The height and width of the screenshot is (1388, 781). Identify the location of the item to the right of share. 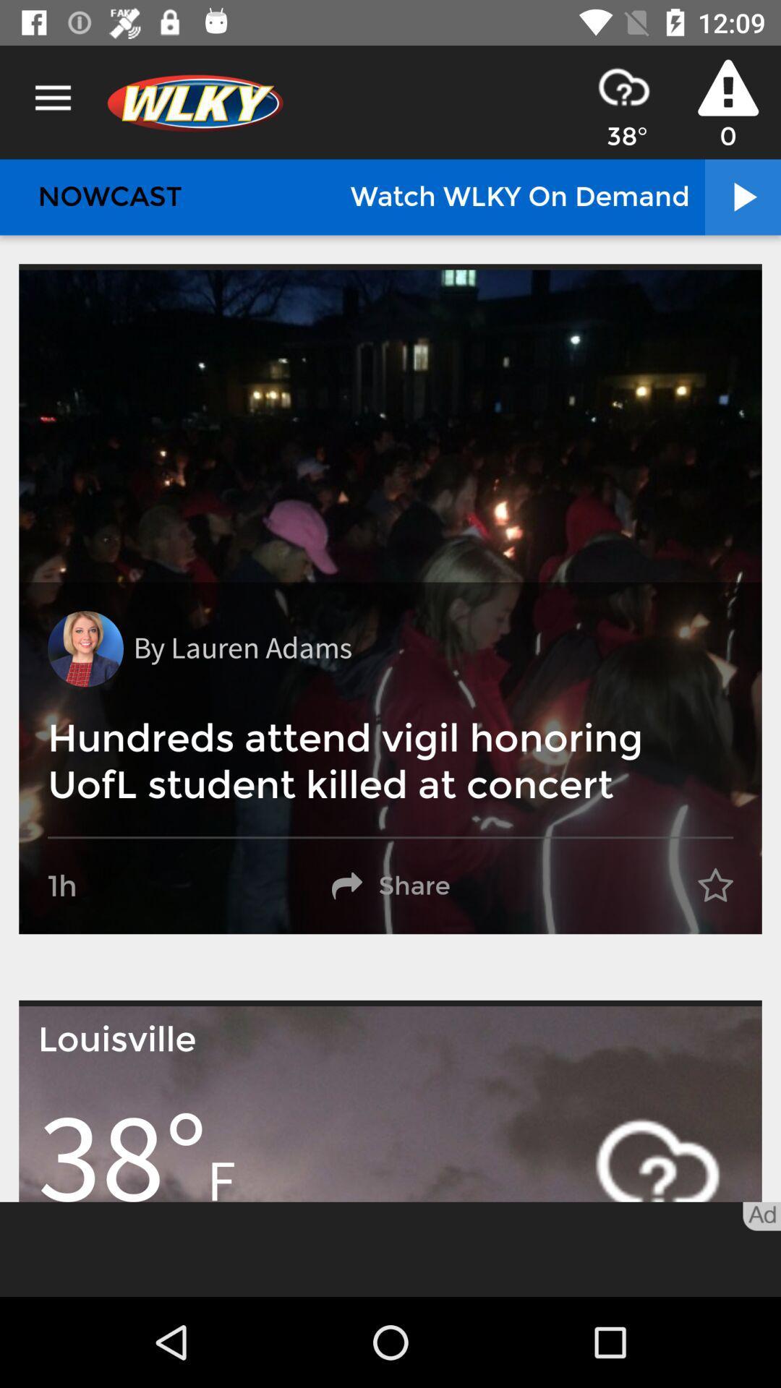
(714, 886).